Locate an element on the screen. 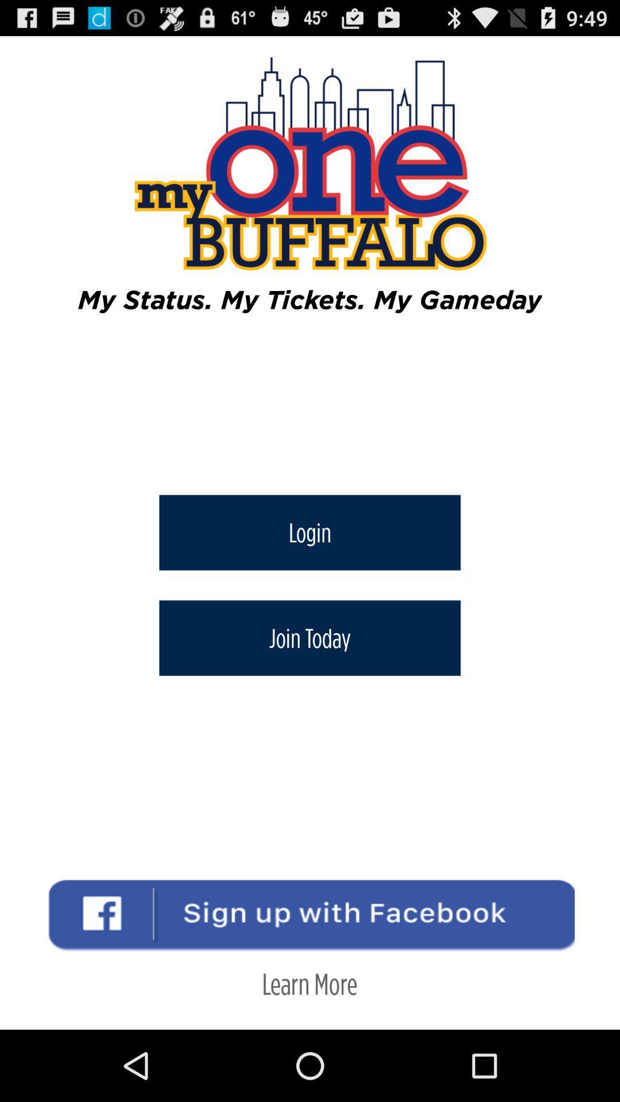 The image size is (620, 1102). the join today button is located at coordinates (310, 637).